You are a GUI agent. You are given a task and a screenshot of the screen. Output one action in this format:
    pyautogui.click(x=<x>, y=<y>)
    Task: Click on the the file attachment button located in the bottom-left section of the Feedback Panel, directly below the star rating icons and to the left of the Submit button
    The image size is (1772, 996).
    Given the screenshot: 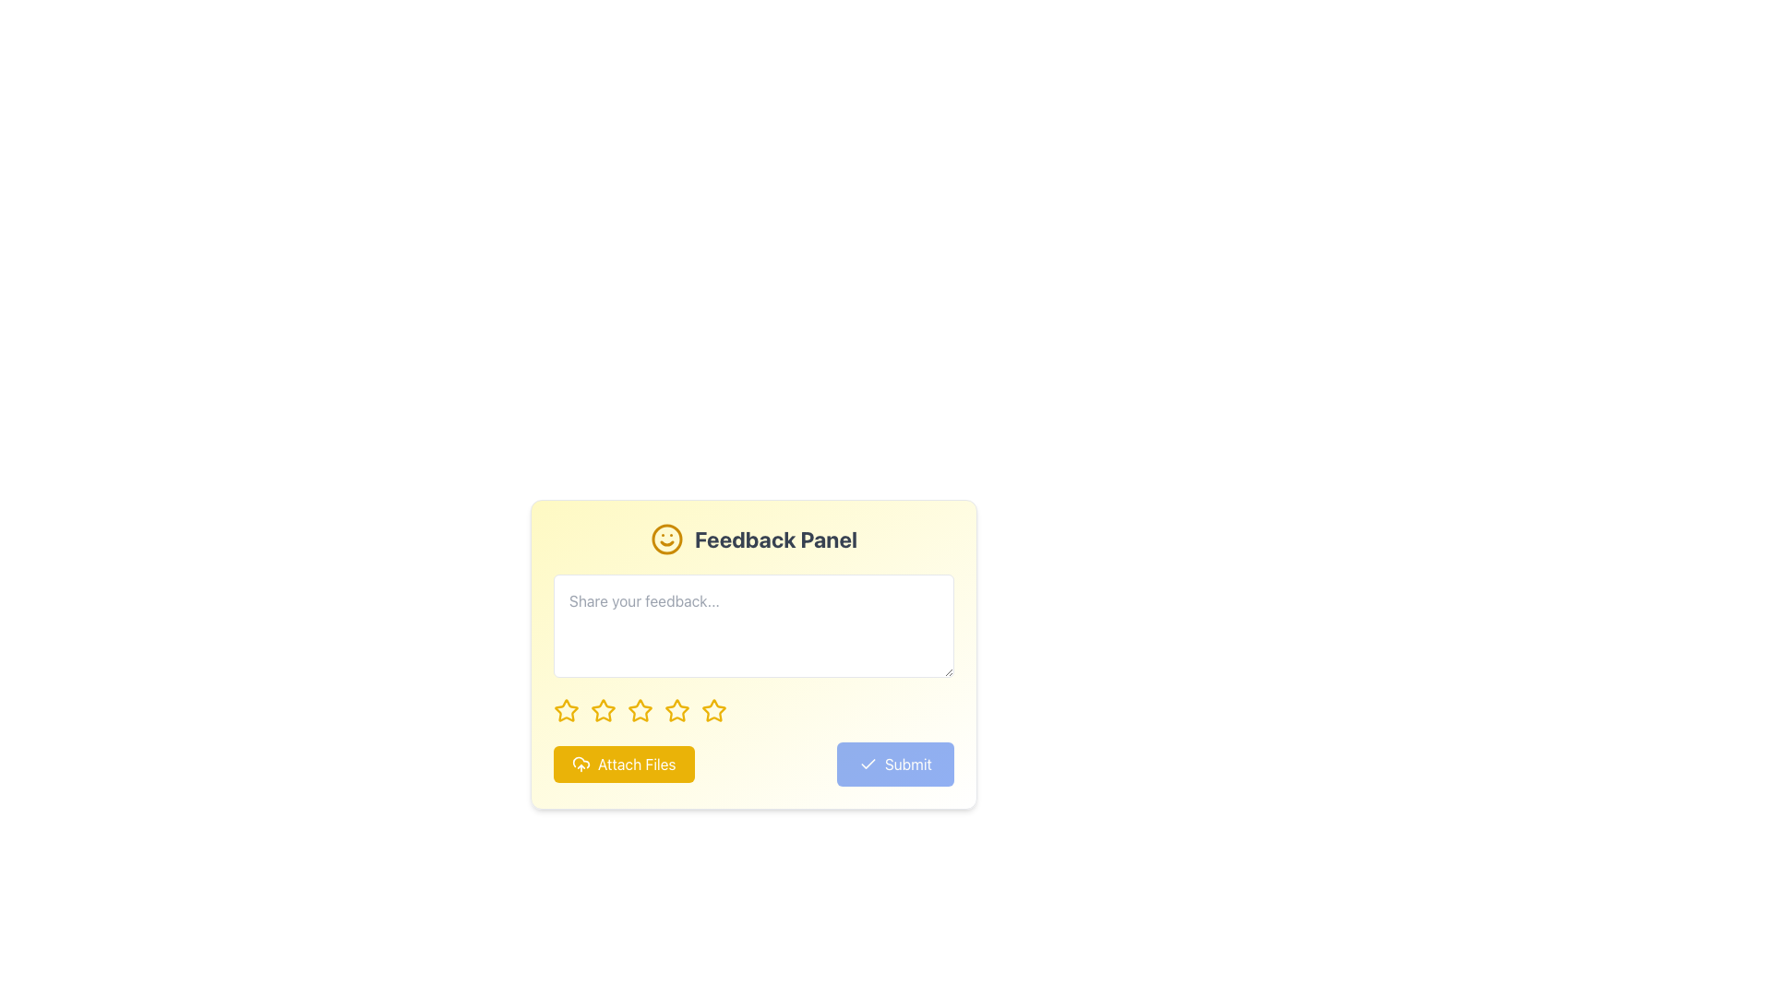 What is the action you would take?
    pyautogui.click(x=624, y=765)
    